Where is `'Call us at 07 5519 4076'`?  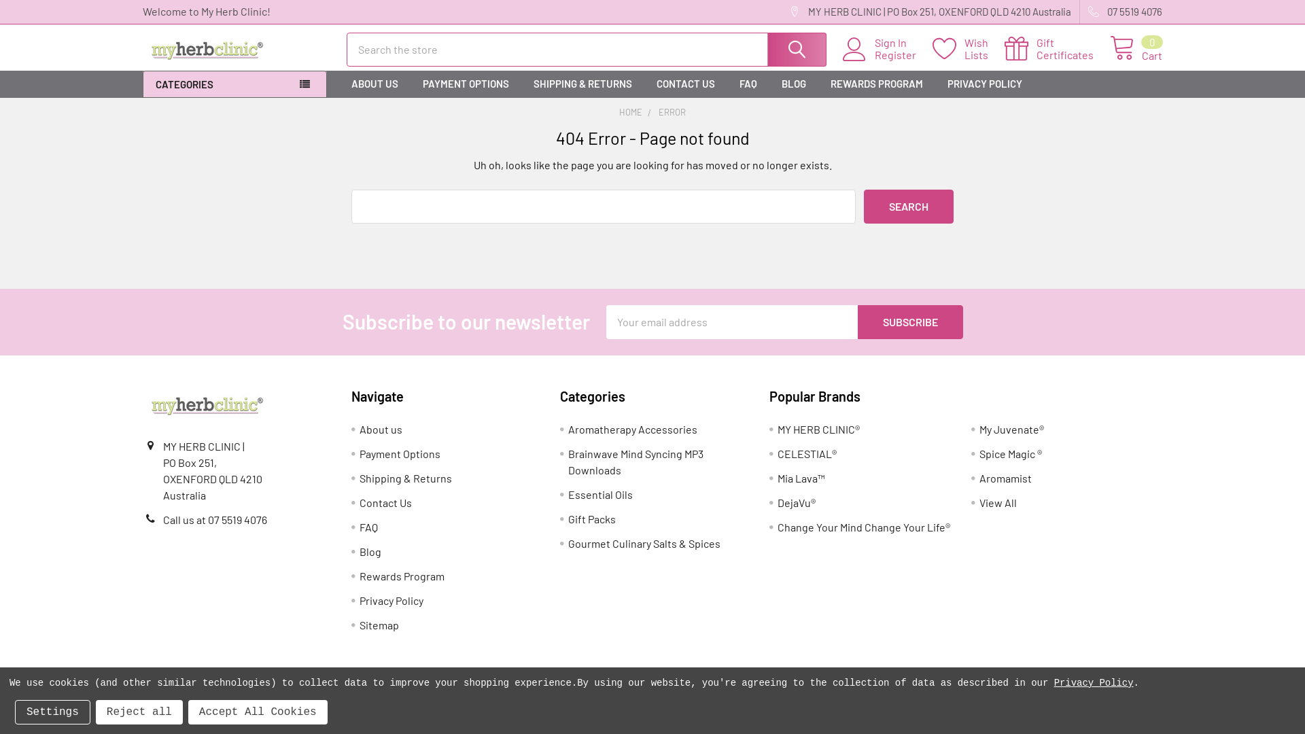
'Call us at 07 5519 4076' is located at coordinates (163, 519).